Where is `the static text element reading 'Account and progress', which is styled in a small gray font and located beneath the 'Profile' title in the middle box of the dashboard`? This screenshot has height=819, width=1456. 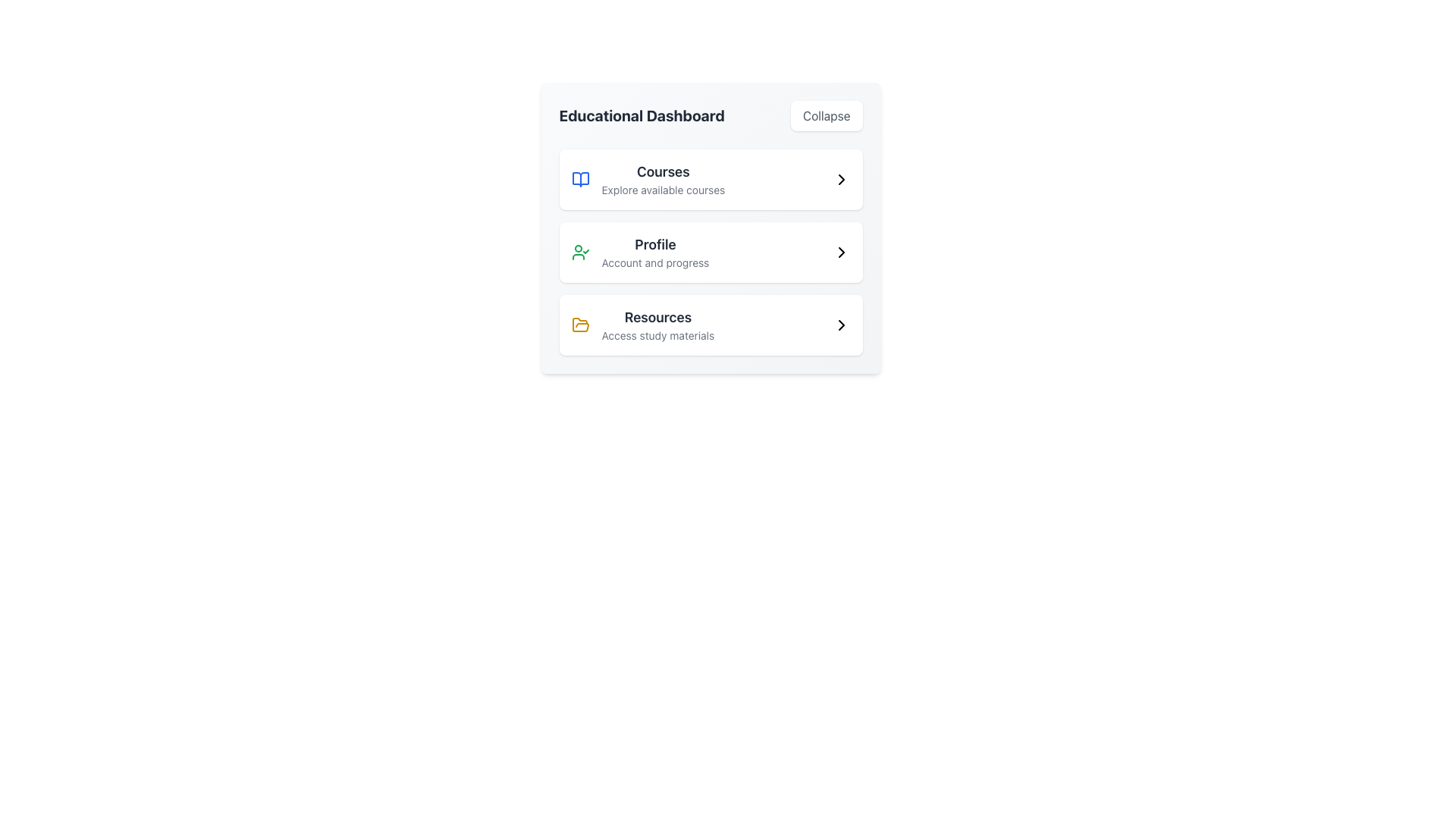
the static text element reading 'Account and progress', which is styled in a small gray font and located beneath the 'Profile' title in the middle box of the dashboard is located at coordinates (655, 262).